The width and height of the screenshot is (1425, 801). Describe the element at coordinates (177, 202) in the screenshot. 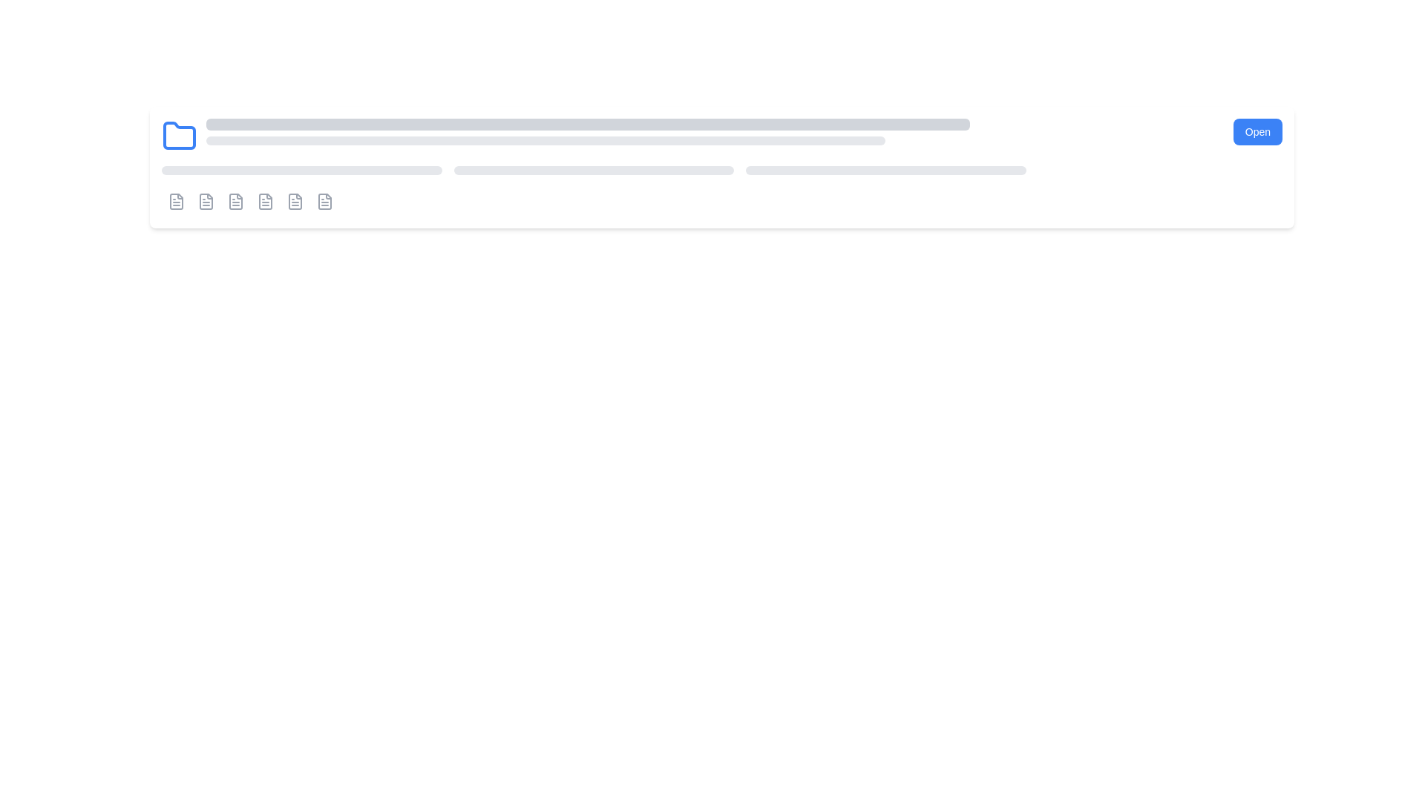

I see `the first document icon in the bottom-left region of the row of similar icons` at that location.